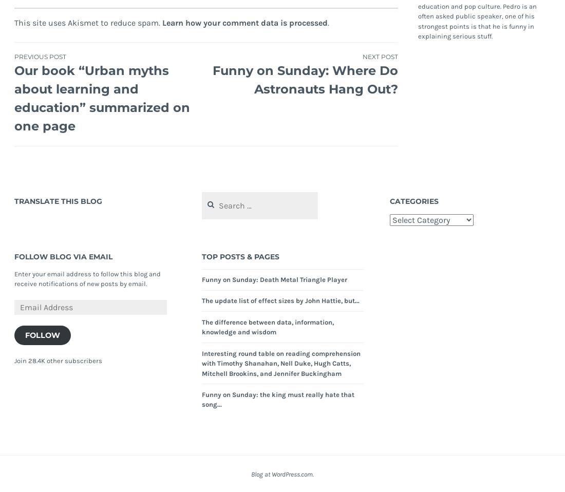  I want to click on 'Top Posts & Pages', so click(202, 256).